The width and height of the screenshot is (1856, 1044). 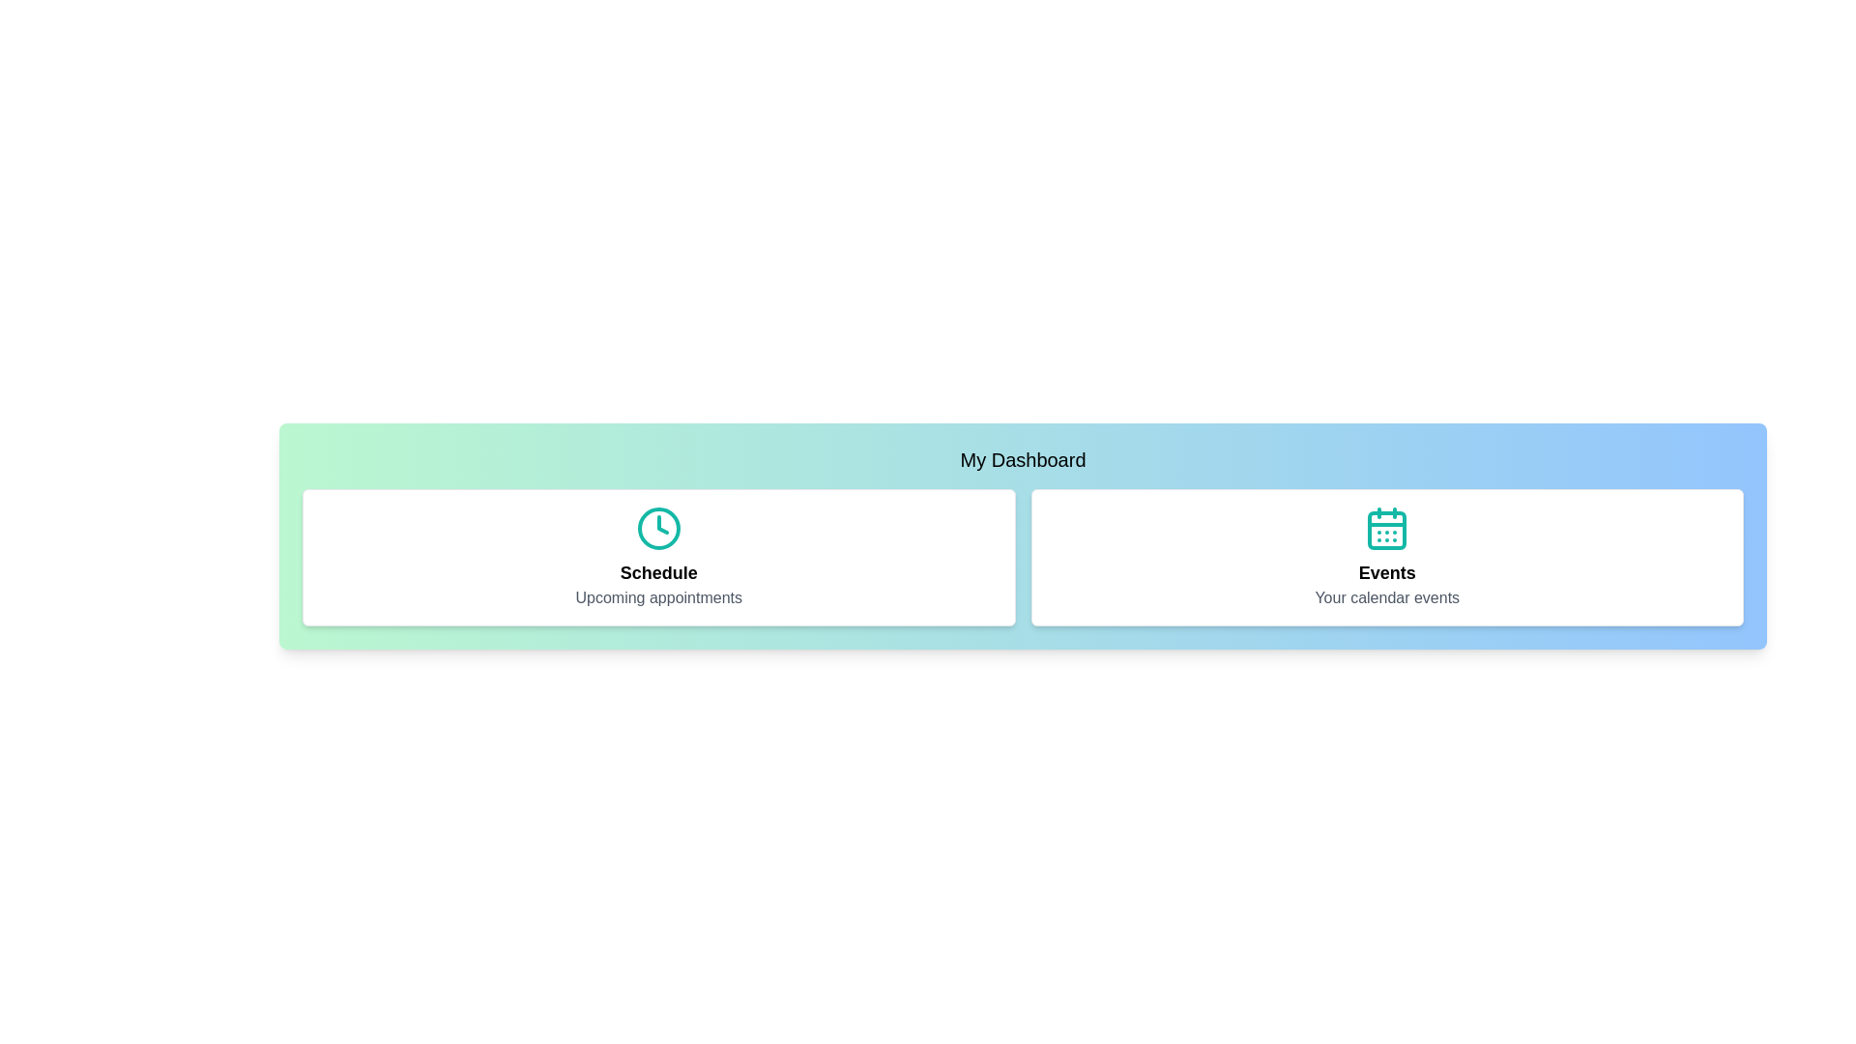 What do you see at coordinates (658, 596) in the screenshot?
I see `the Text label that describes upcoming appointments, located beneath the 'Schedule' heading and clock icon in the left-hand section of the UI` at bounding box center [658, 596].